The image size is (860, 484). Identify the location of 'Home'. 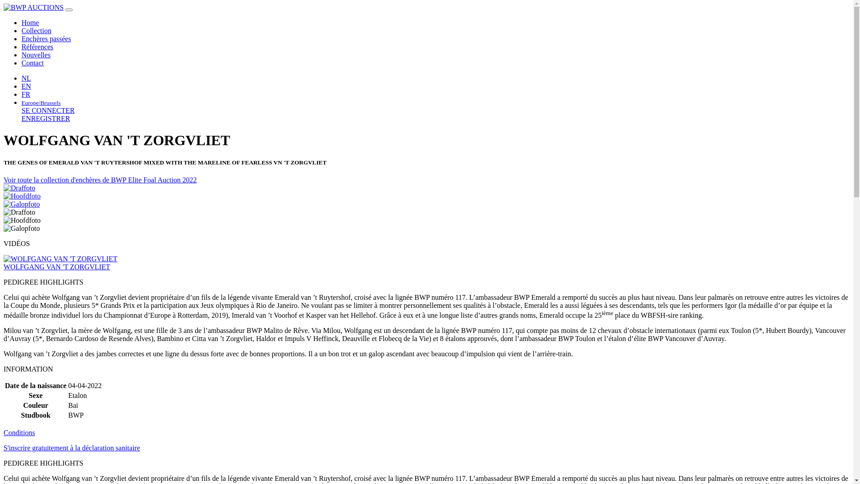
(30, 22).